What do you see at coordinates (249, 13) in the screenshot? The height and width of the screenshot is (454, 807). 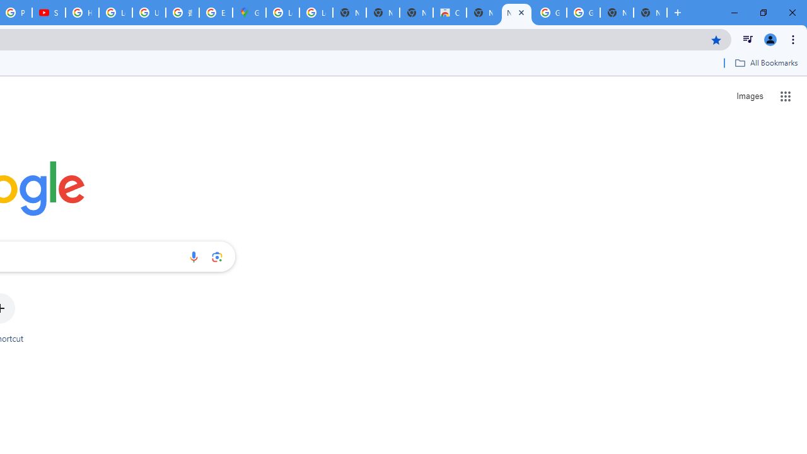 I see `'Google Maps'` at bounding box center [249, 13].